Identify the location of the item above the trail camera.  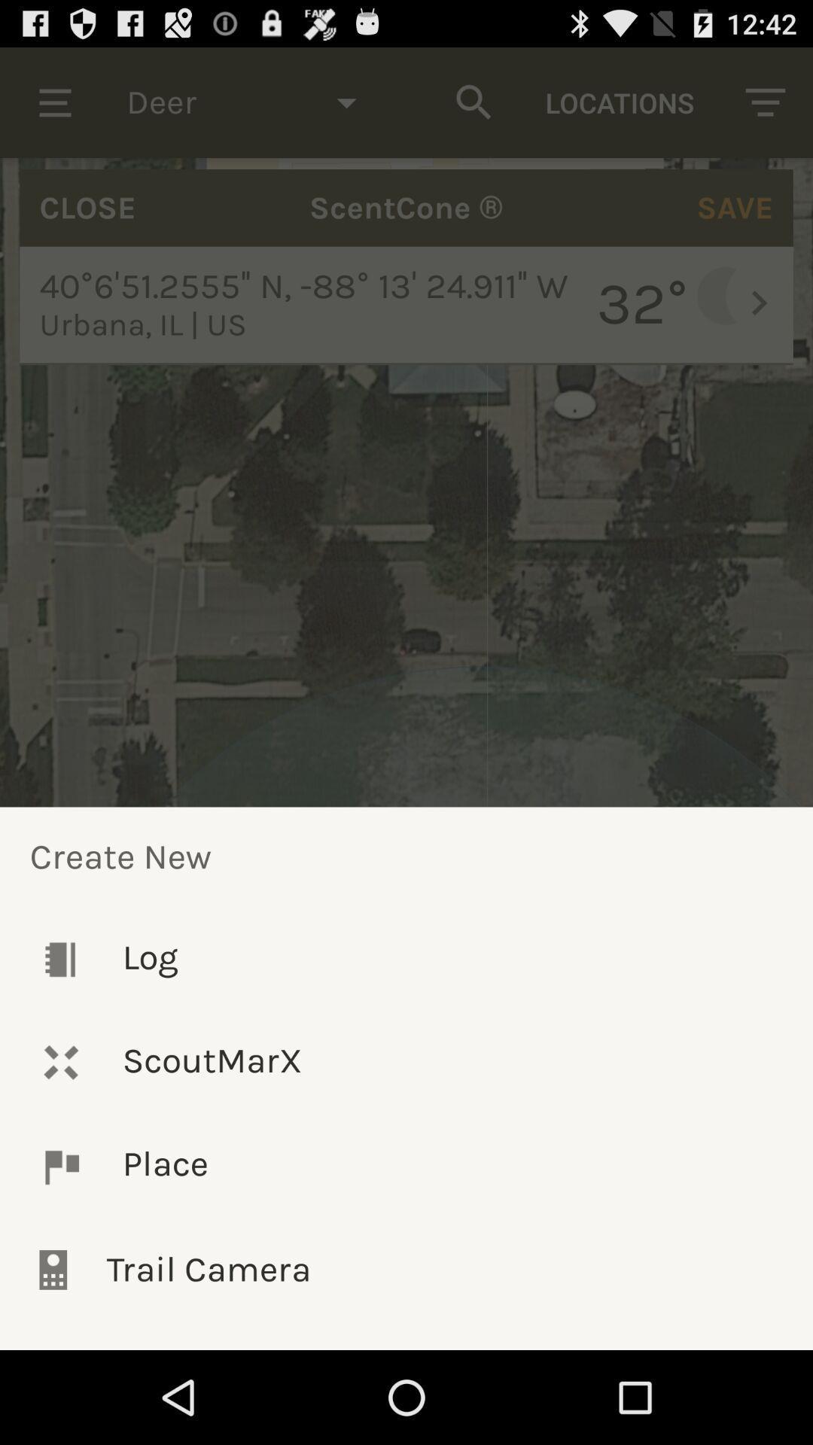
(406, 1166).